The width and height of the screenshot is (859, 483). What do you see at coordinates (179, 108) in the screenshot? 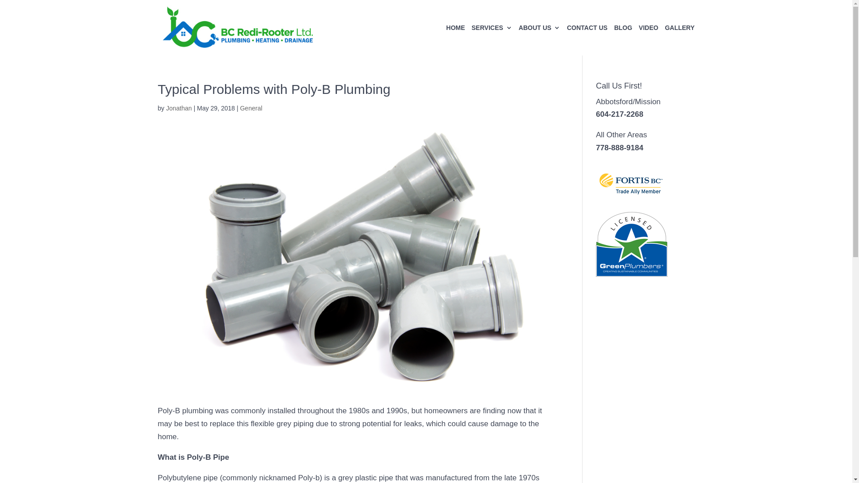
I see `'Jonathan'` at bounding box center [179, 108].